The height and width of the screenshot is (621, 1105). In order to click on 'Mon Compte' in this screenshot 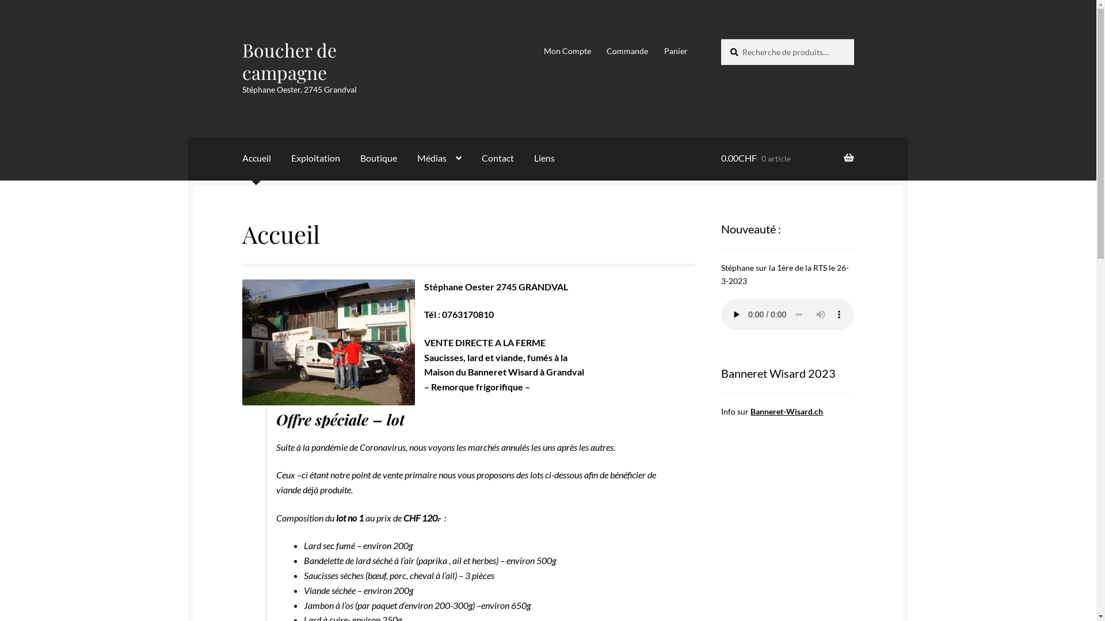, I will do `click(567, 50)`.